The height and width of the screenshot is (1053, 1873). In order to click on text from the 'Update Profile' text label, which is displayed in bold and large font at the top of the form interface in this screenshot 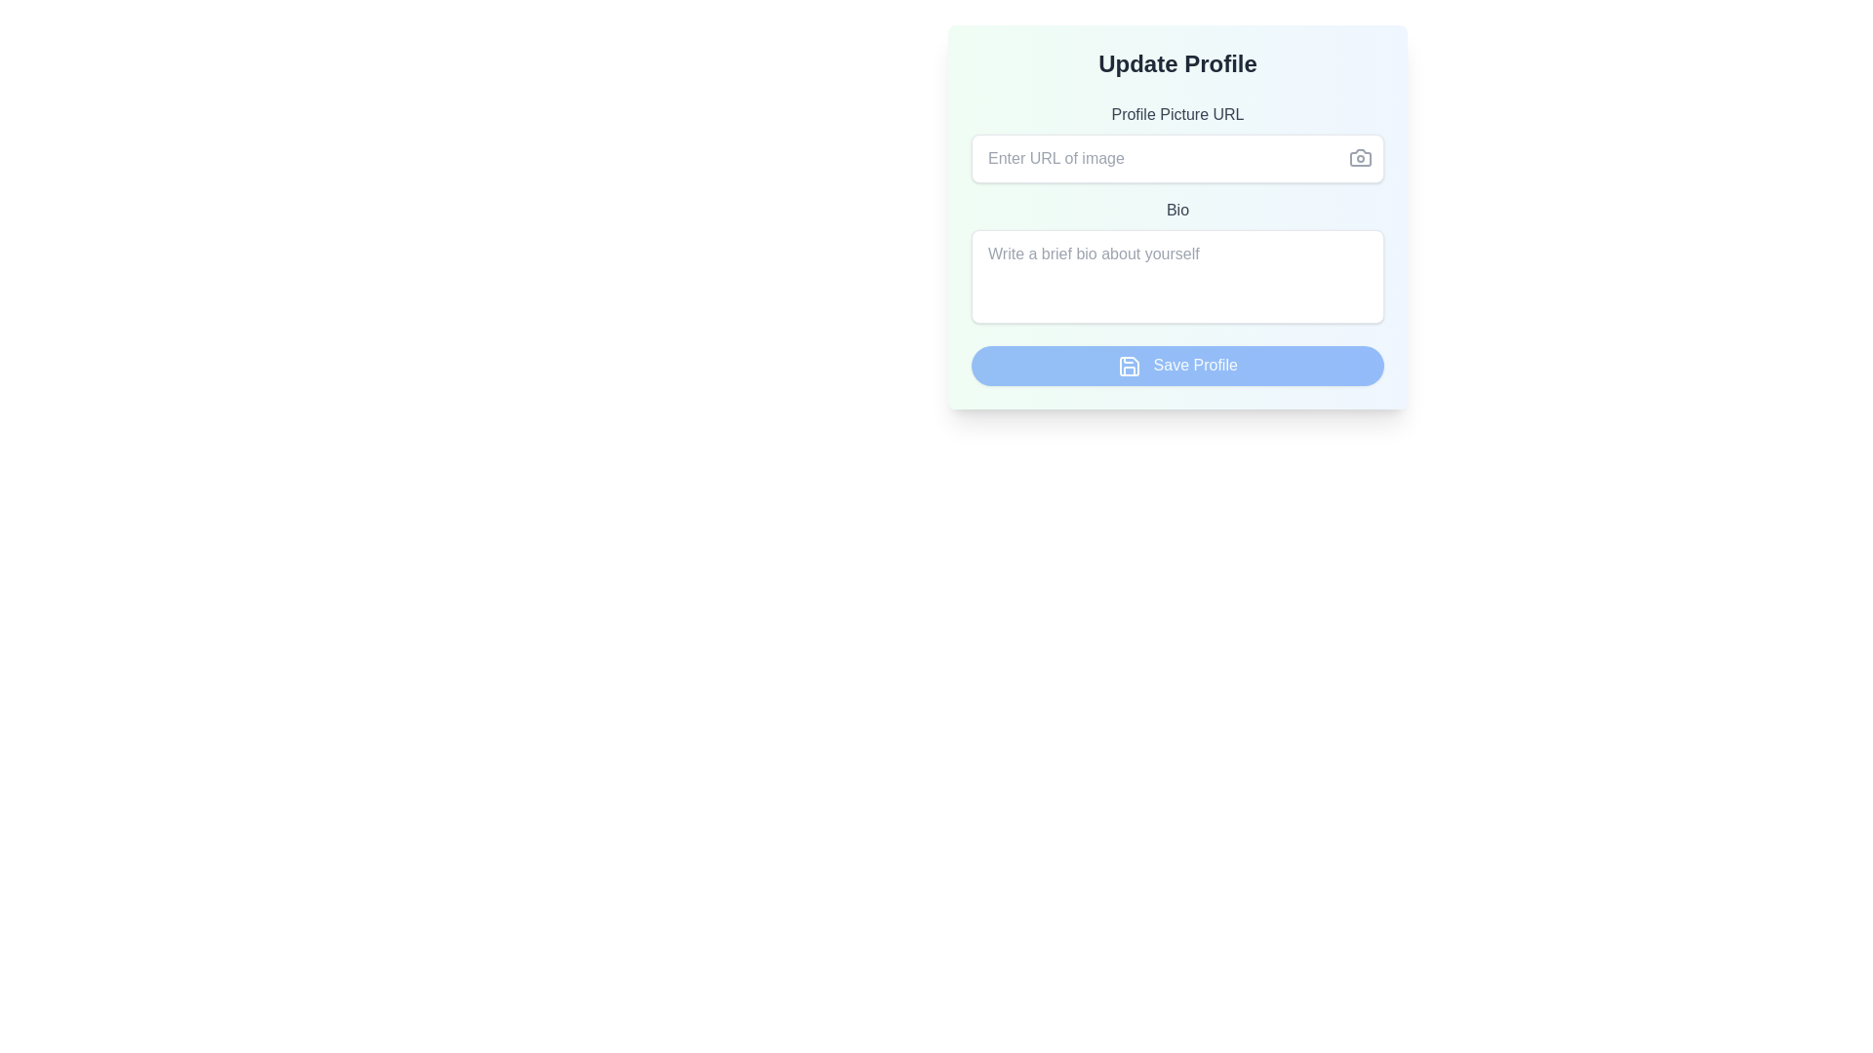, I will do `click(1176, 62)`.